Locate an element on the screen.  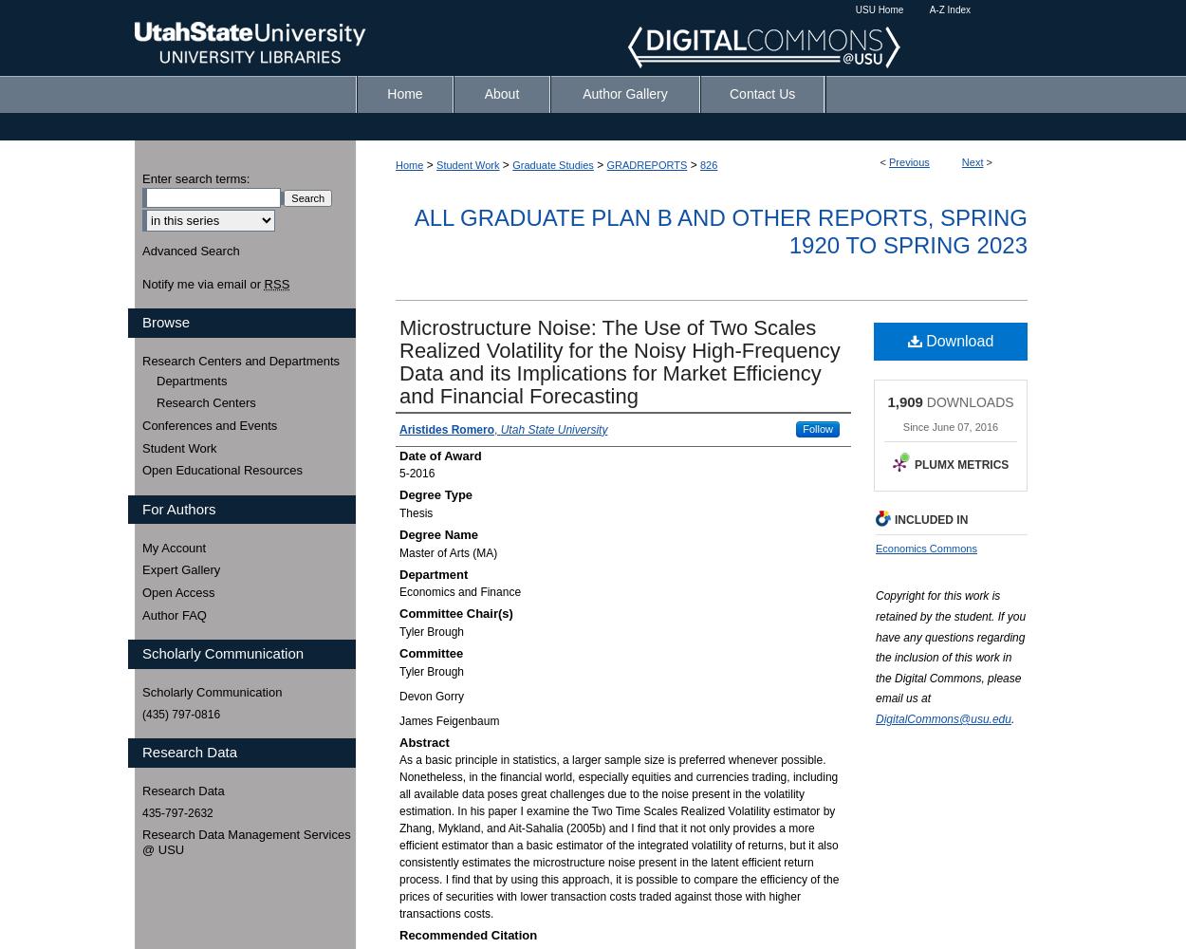
'Degree Type' is located at coordinates (435, 494).